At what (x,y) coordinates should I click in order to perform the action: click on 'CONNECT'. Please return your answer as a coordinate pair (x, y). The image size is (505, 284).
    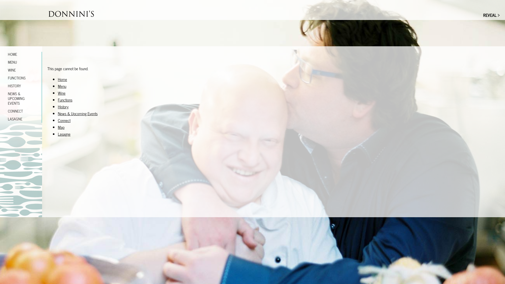
    Looking at the image, I should click on (21, 110).